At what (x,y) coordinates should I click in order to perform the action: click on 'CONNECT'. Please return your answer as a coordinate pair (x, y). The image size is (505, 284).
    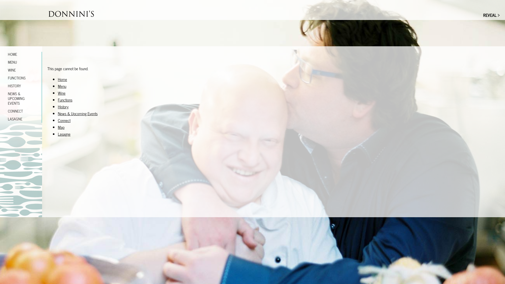
    Looking at the image, I should click on (21, 110).